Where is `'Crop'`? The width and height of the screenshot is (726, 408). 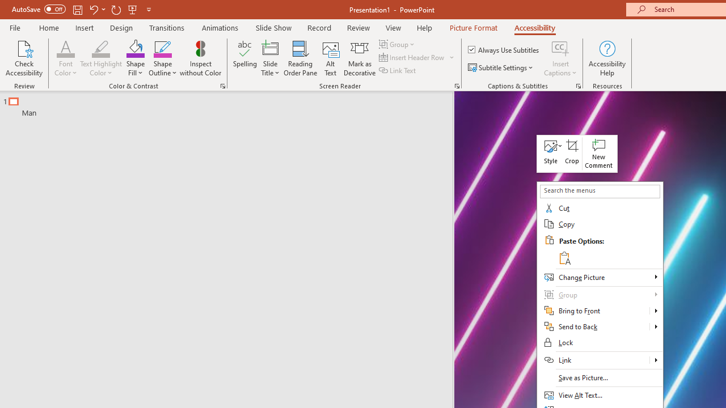
'Crop' is located at coordinates (572, 154).